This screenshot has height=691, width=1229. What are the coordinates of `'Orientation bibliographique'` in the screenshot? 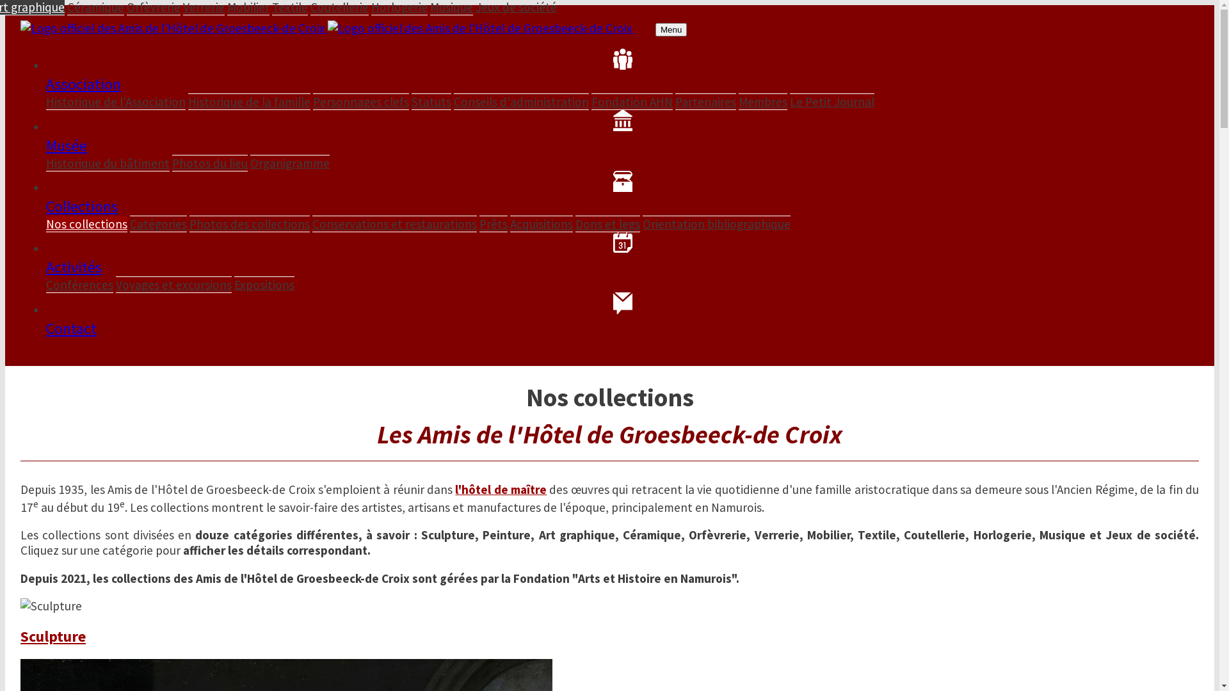 It's located at (716, 223).